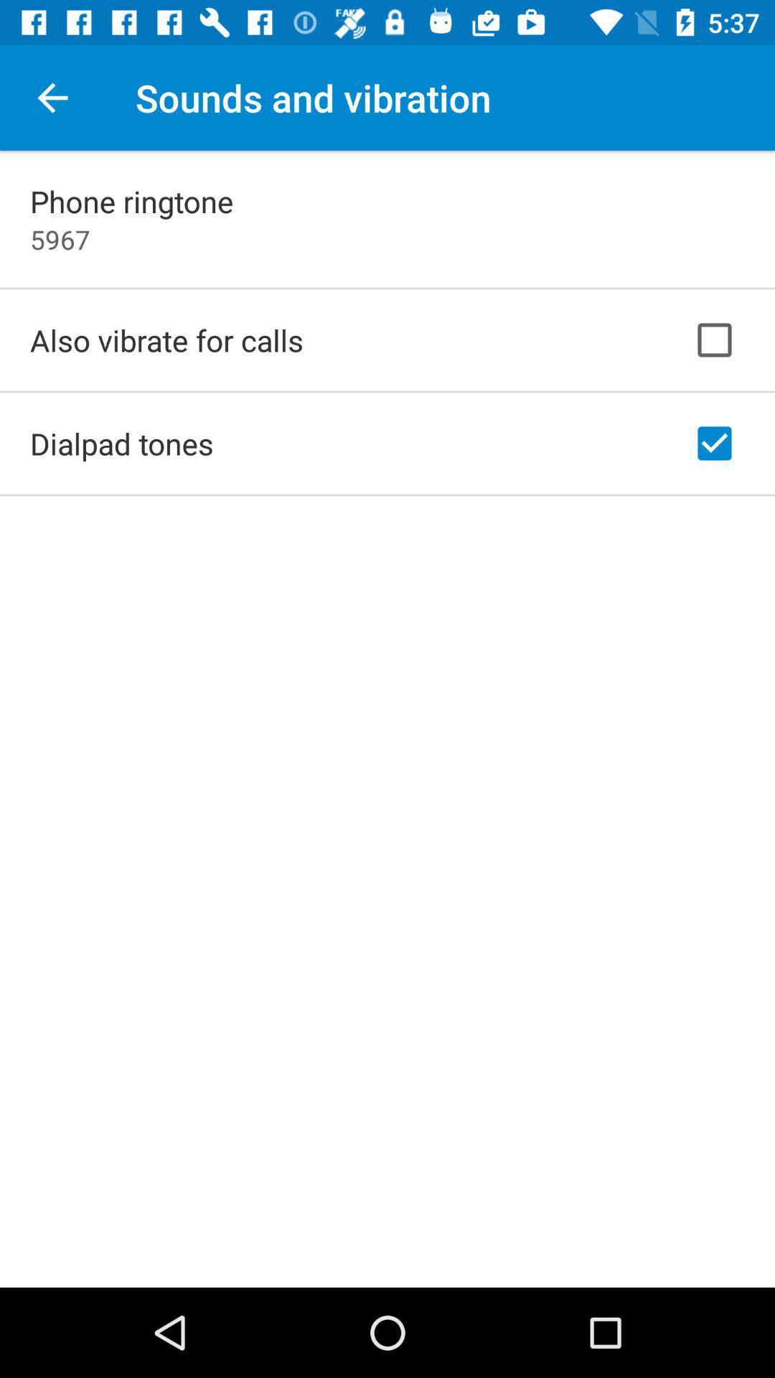  What do you see at coordinates (60, 239) in the screenshot?
I see `app above also vibrate for app` at bounding box center [60, 239].